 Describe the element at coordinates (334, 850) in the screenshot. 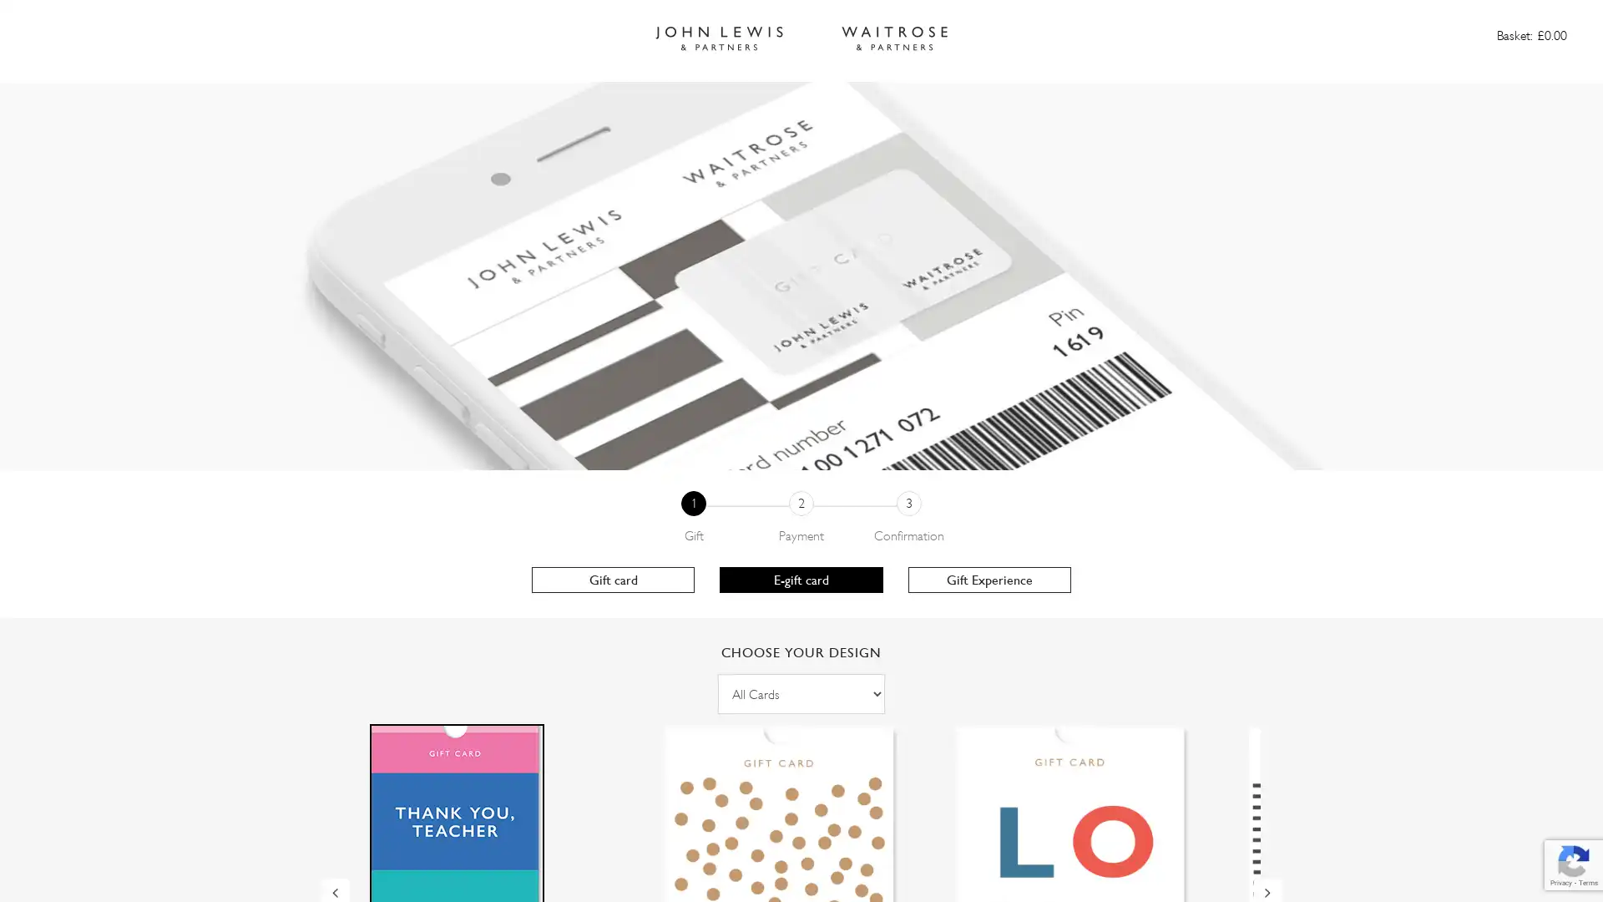

I see `Previous` at that location.